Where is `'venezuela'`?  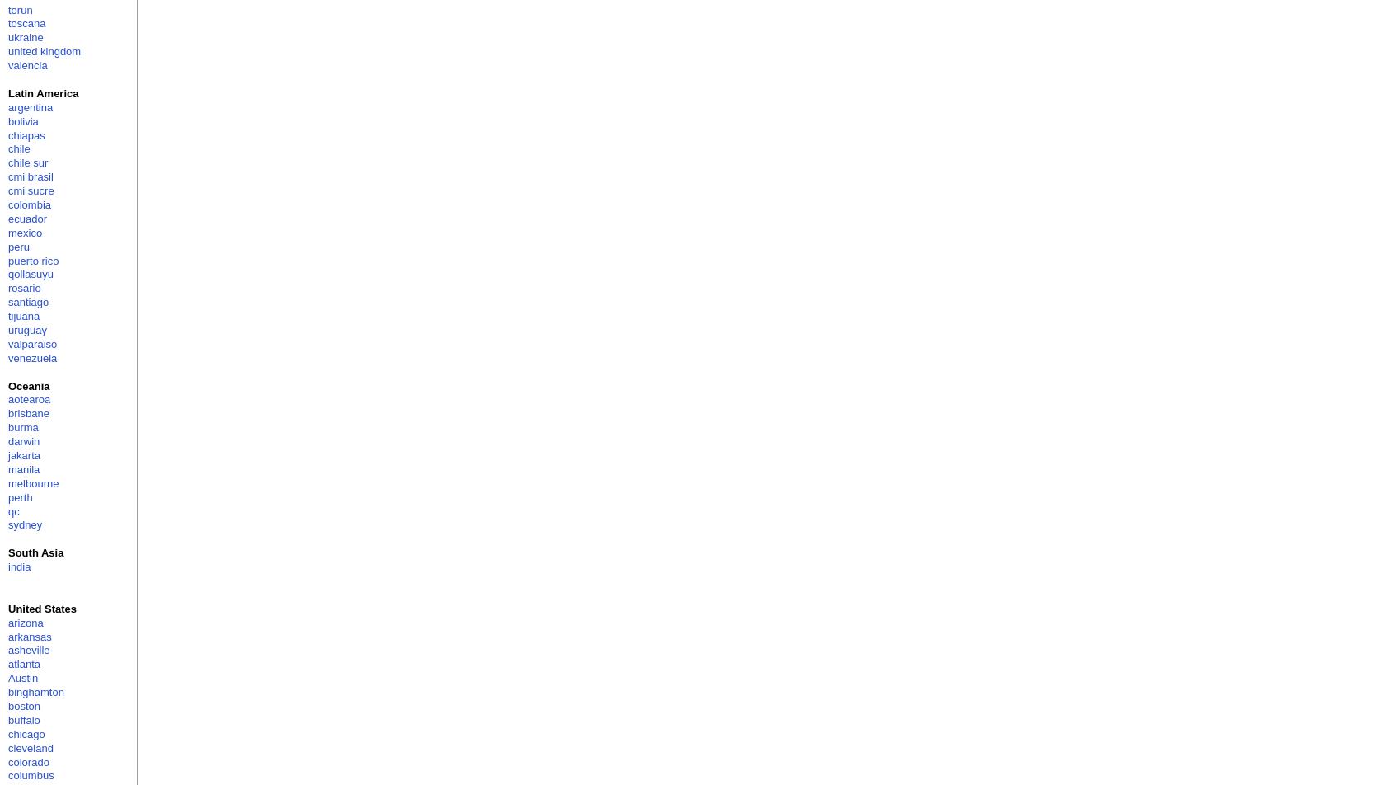
'venezuela' is located at coordinates (7, 357).